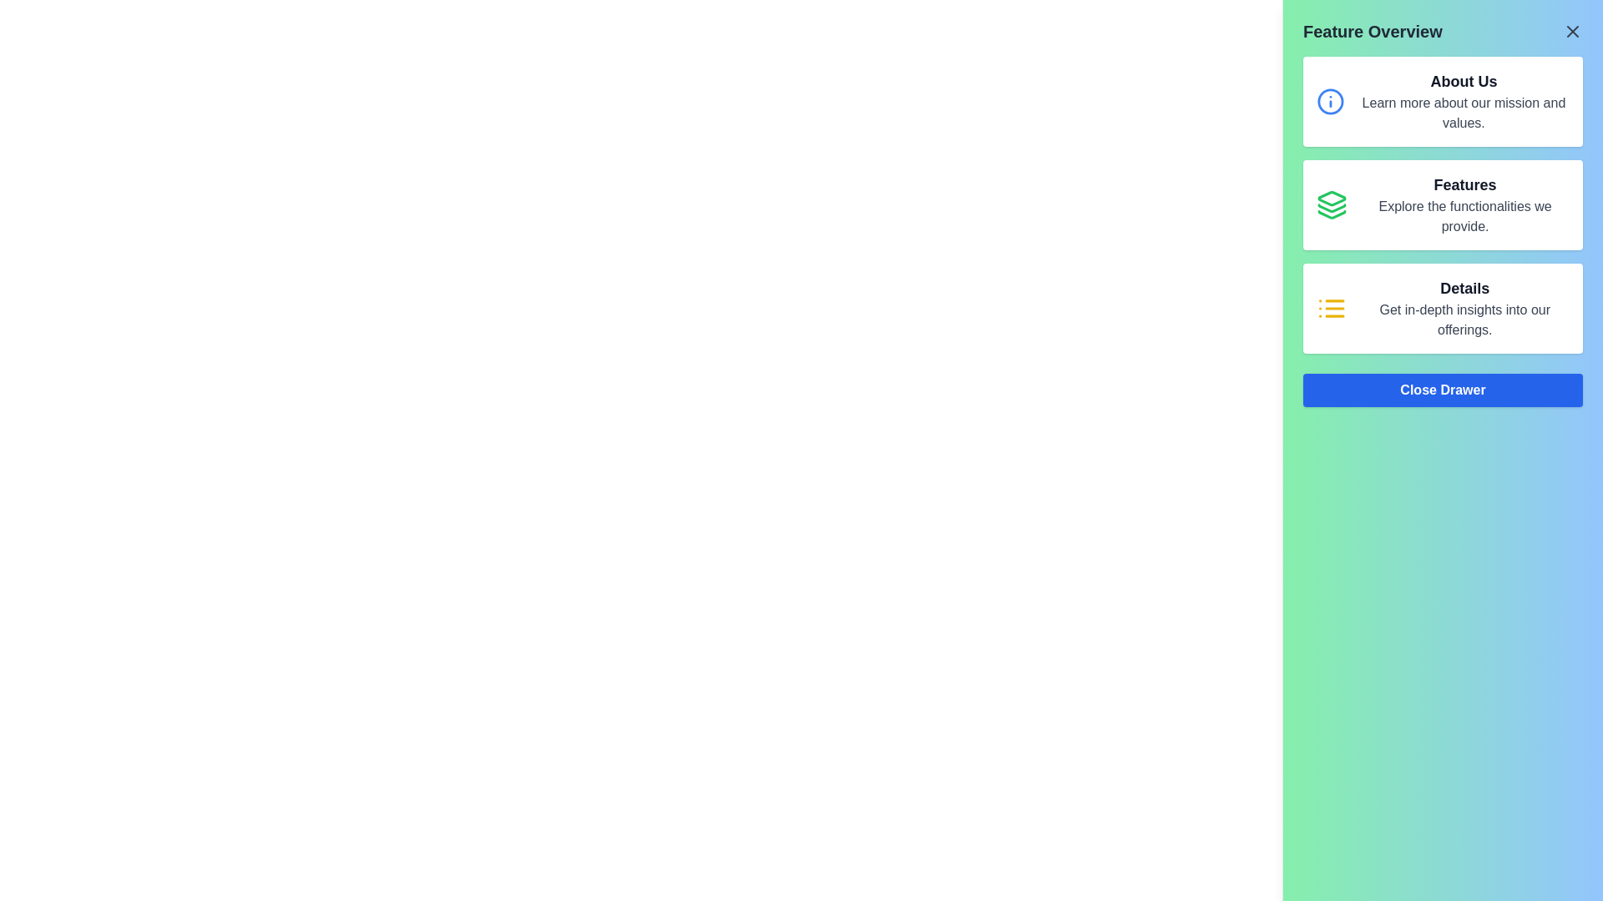 This screenshot has width=1603, height=901. Describe the element at coordinates (1571, 32) in the screenshot. I see `the small 'X' icon button located at the far right of the top section of the interface, adjacent to the 'Feature Overview' title` at that location.